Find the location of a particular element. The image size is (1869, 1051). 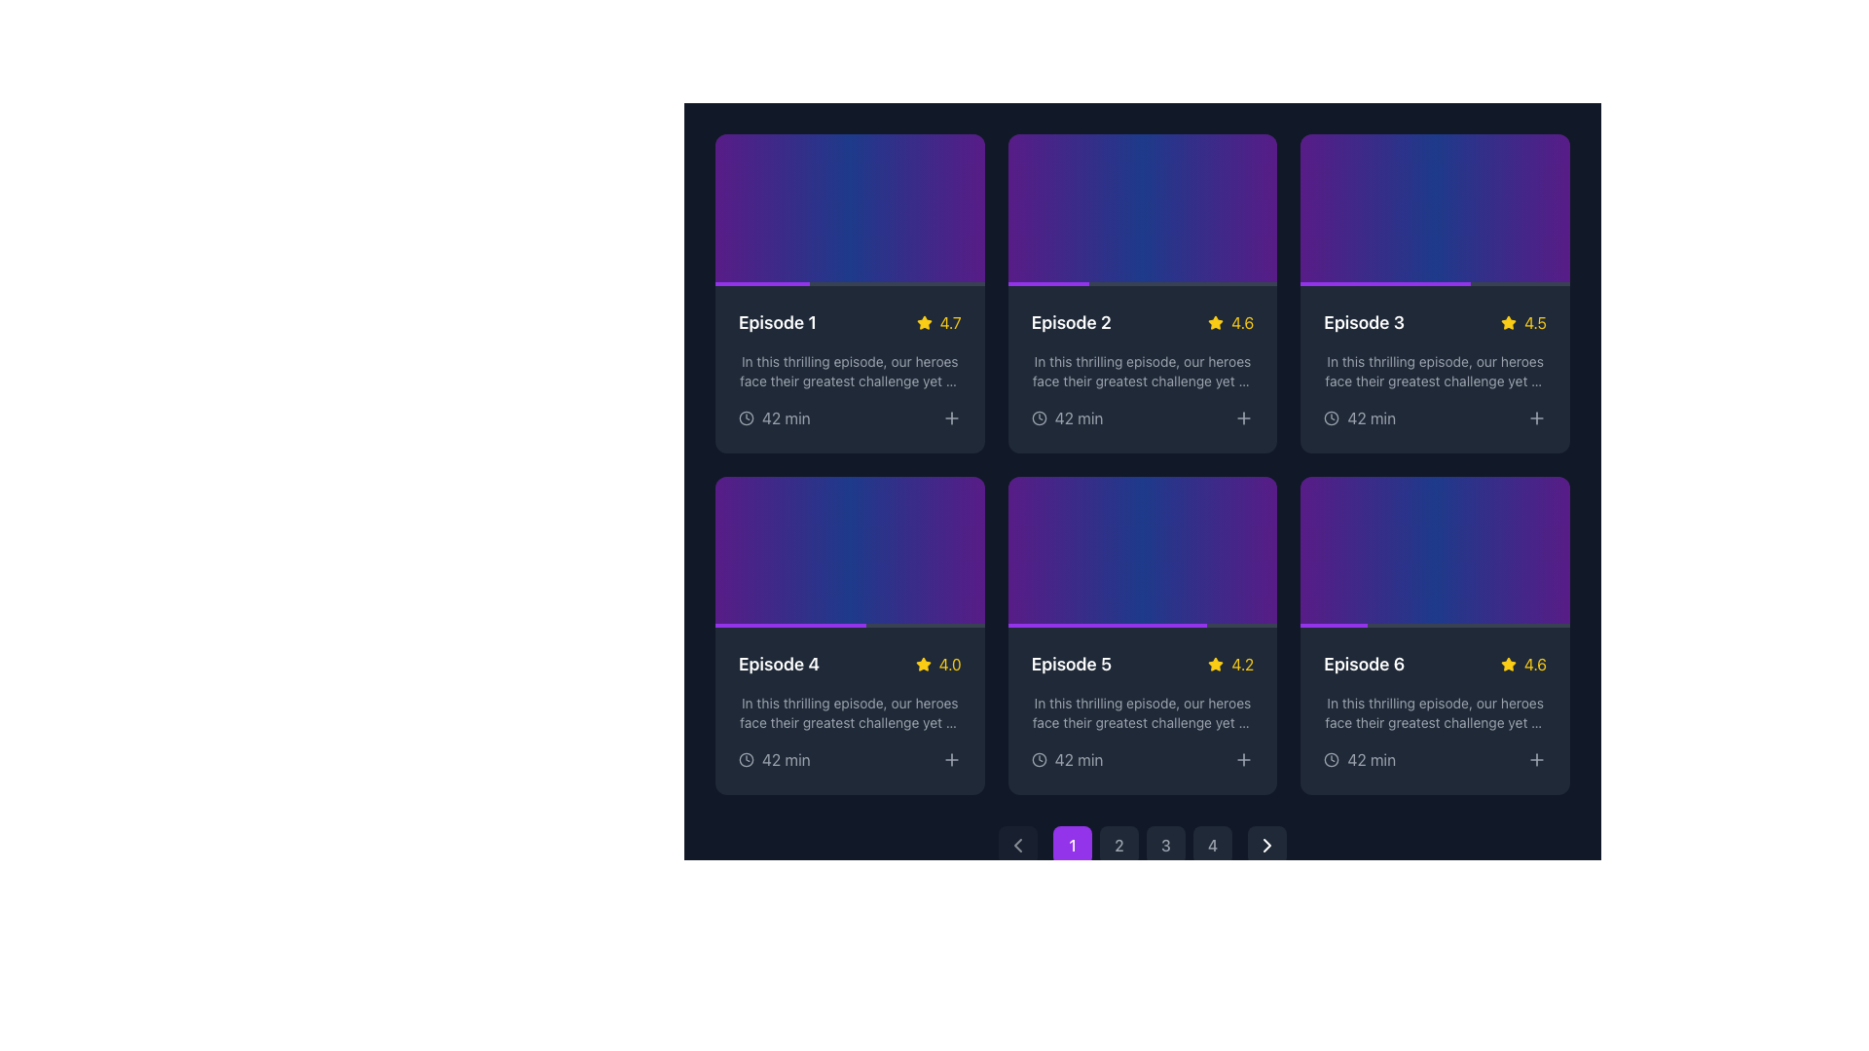

the rating icon that indicates a visual representation of a rating value of '4.6', located in the second card of the top row in the grid layout is located at coordinates (1215, 321).